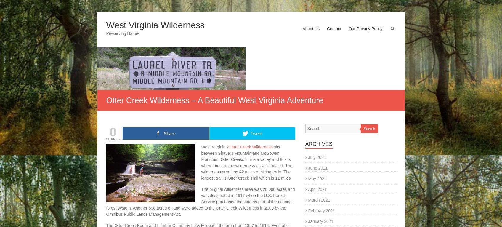 The height and width of the screenshot is (227, 502). Describe the element at coordinates (113, 132) in the screenshot. I see `'0'` at that location.